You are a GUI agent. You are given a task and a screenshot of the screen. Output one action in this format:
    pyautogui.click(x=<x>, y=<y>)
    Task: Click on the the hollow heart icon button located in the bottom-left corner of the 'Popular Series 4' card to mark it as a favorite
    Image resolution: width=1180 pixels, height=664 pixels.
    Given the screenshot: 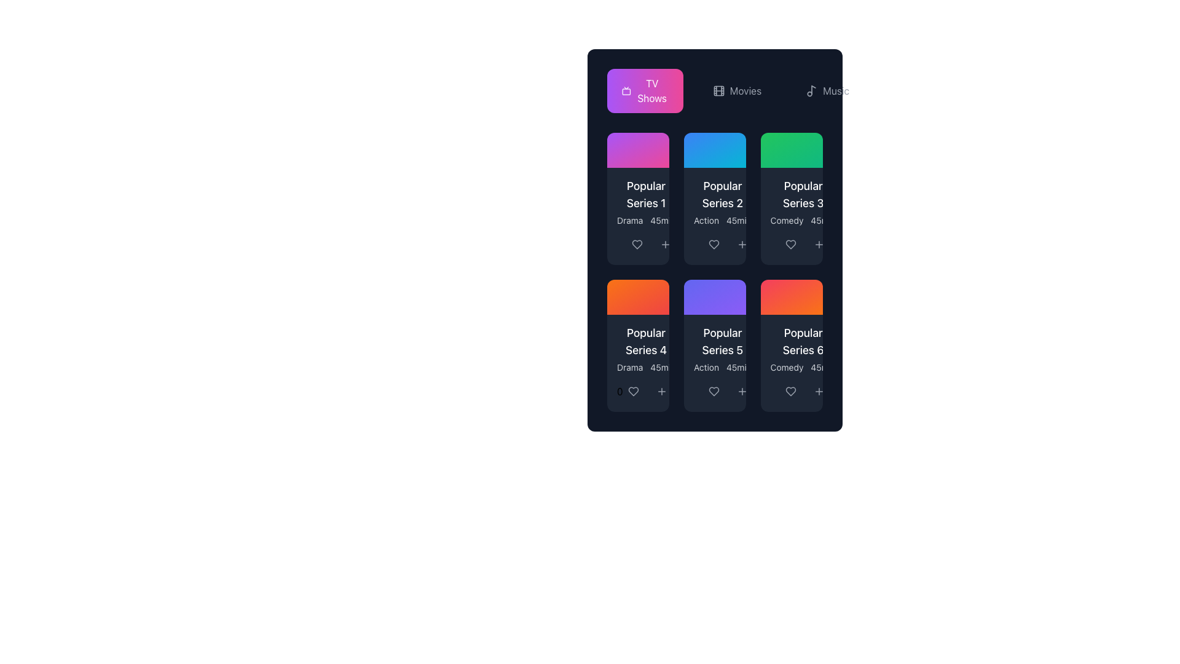 What is the action you would take?
    pyautogui.click(x=633, y=391)
    